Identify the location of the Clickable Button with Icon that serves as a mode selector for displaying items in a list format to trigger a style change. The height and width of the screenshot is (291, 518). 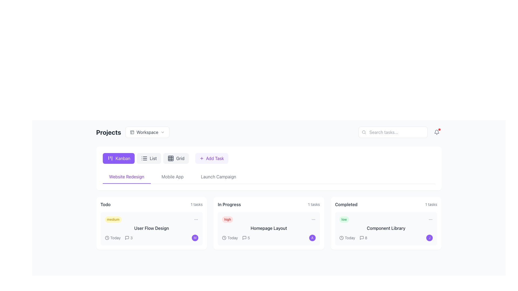
(146, 158).